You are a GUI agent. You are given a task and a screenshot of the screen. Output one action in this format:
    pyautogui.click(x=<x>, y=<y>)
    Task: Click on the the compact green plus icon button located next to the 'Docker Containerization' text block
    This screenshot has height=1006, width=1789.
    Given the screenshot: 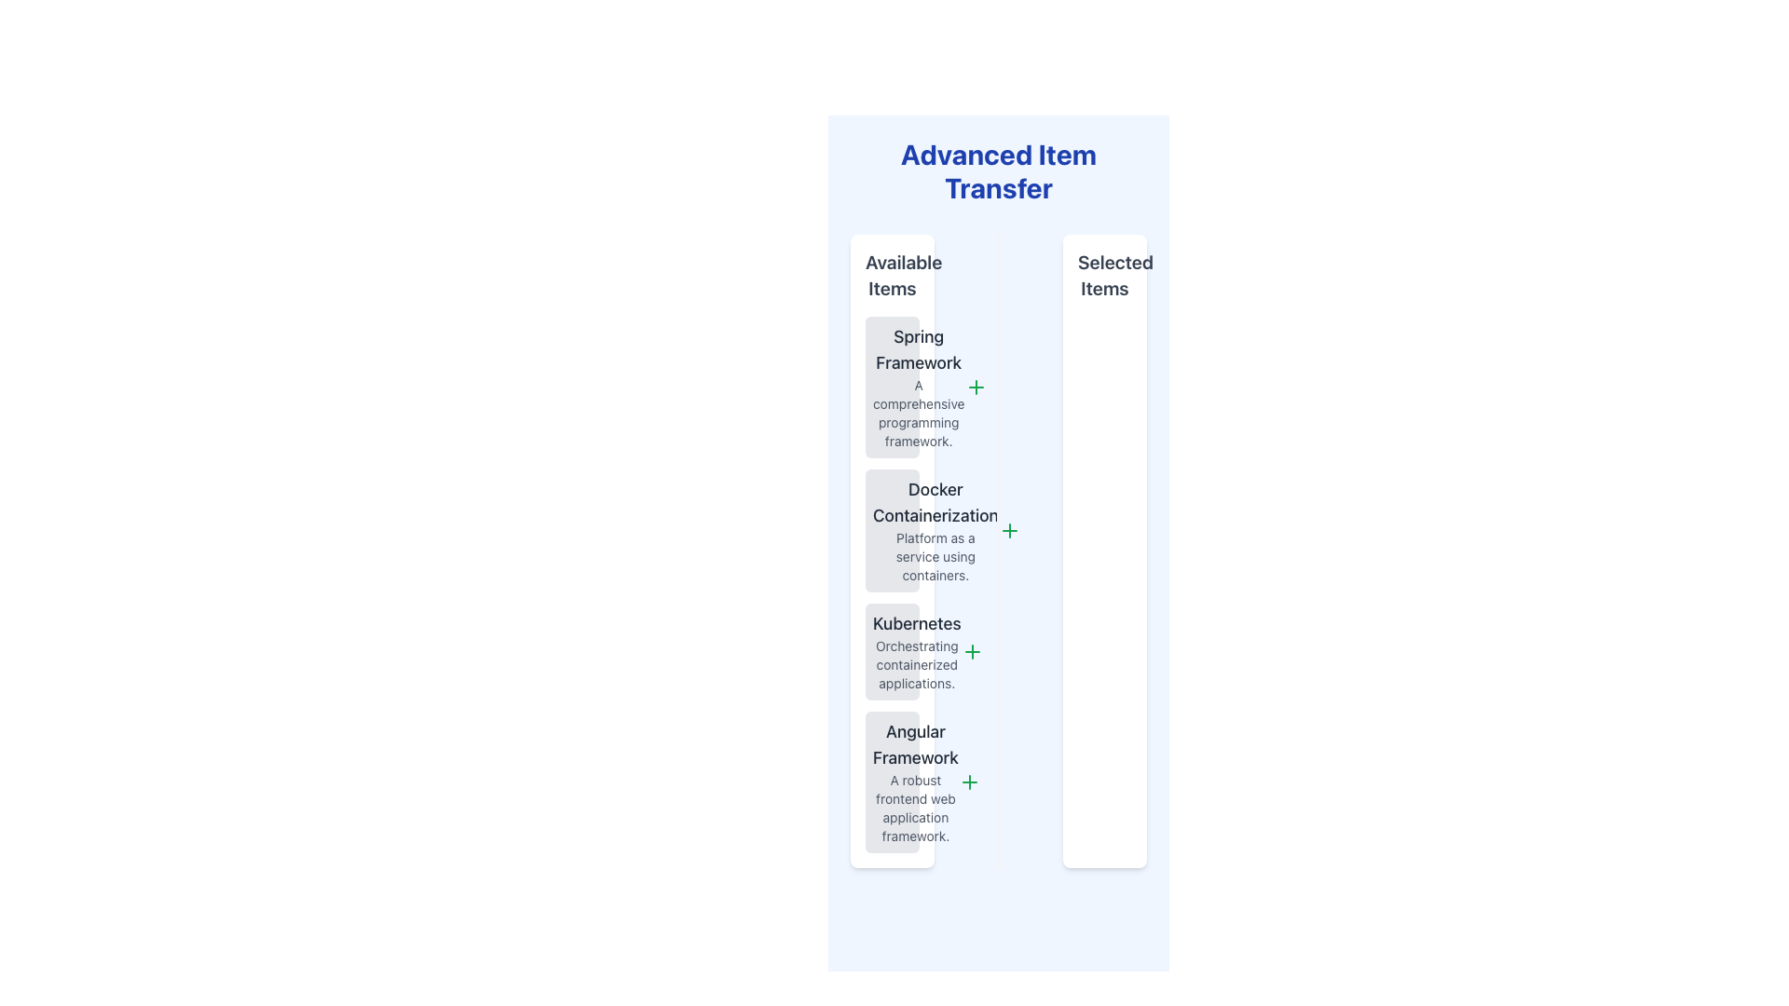 What is the action you would take?
    pyautogui.click(x=1008, y=531)
    